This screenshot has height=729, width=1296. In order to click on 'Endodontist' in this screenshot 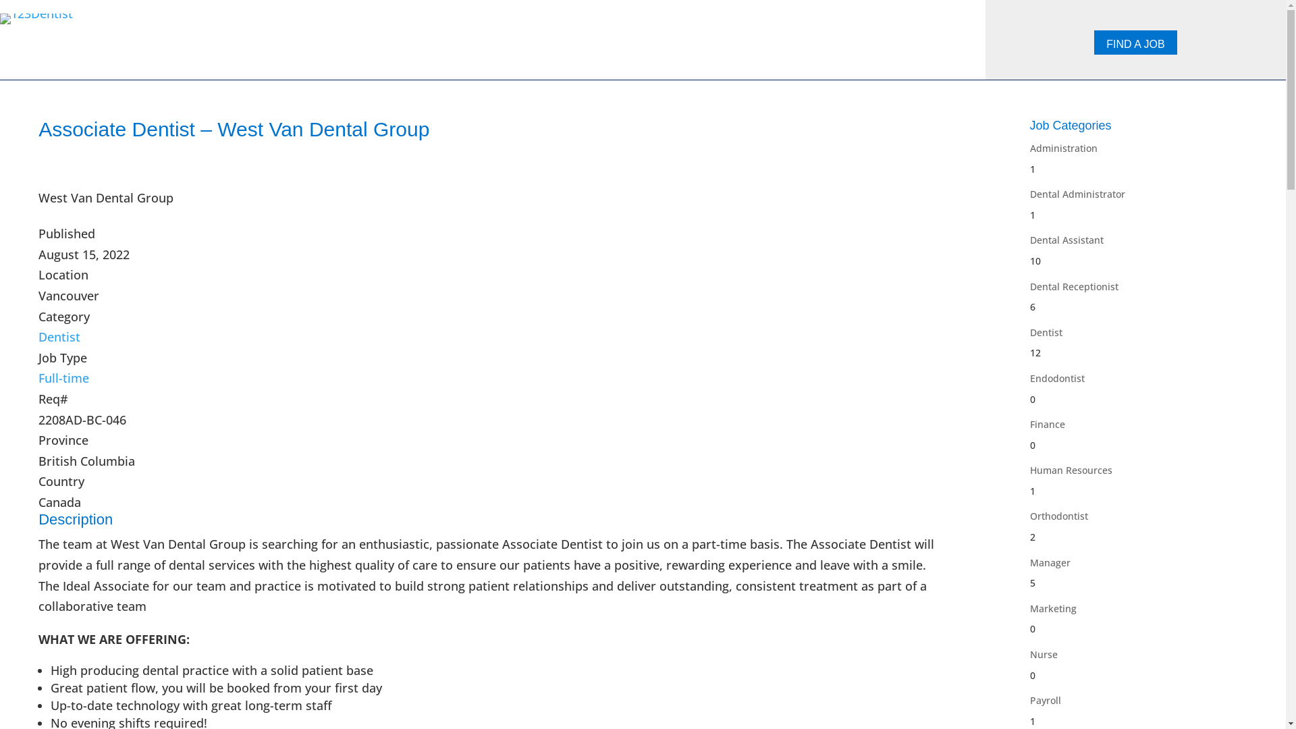, I will do `click(1056, 378)`.